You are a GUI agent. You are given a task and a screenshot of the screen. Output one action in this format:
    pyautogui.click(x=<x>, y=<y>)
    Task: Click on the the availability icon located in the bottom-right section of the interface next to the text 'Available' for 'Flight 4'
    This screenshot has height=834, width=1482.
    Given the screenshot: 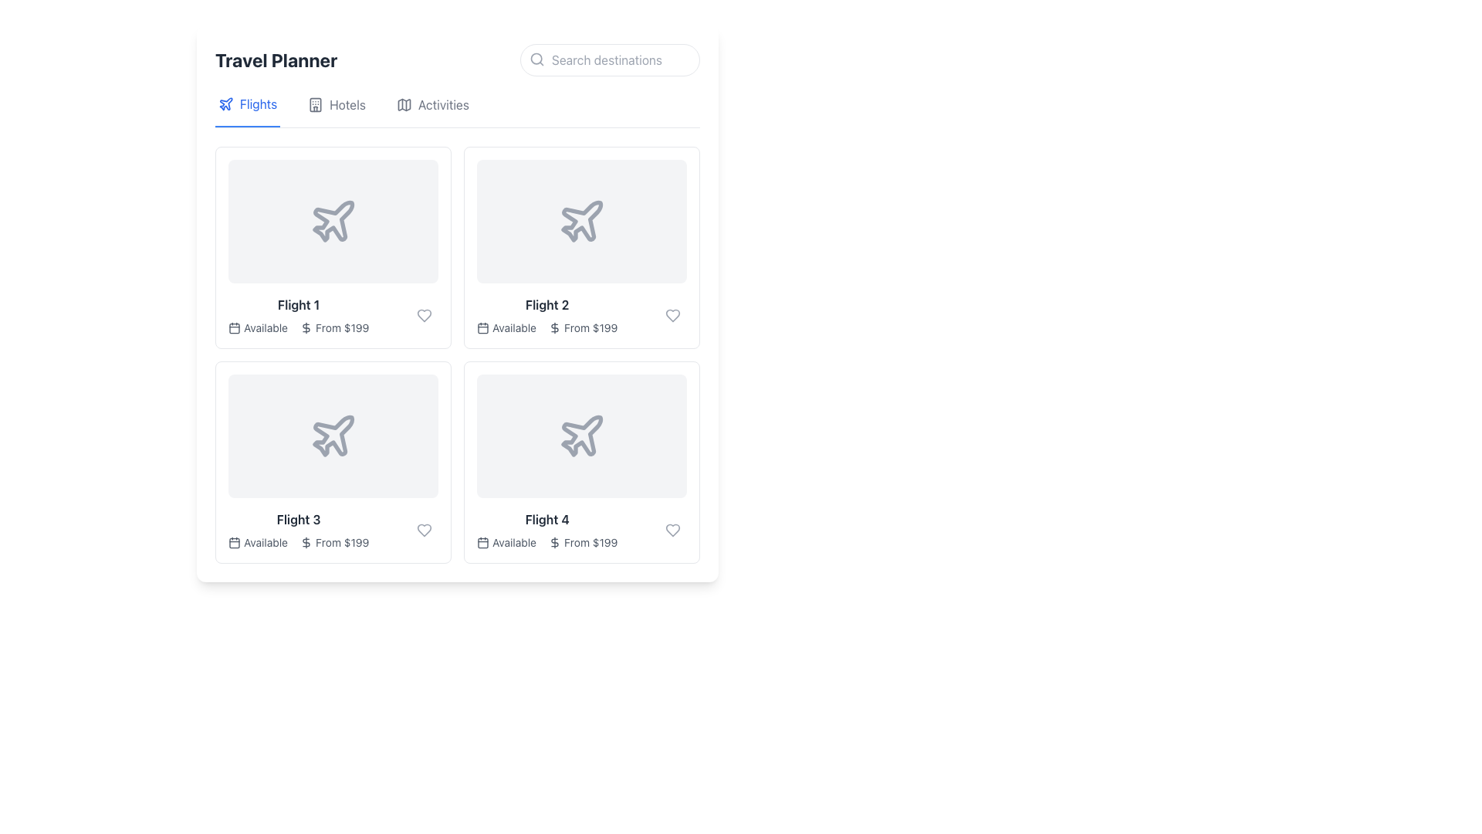 What is the action you would take?
    pyautogui.click(x=482, y=541)
    